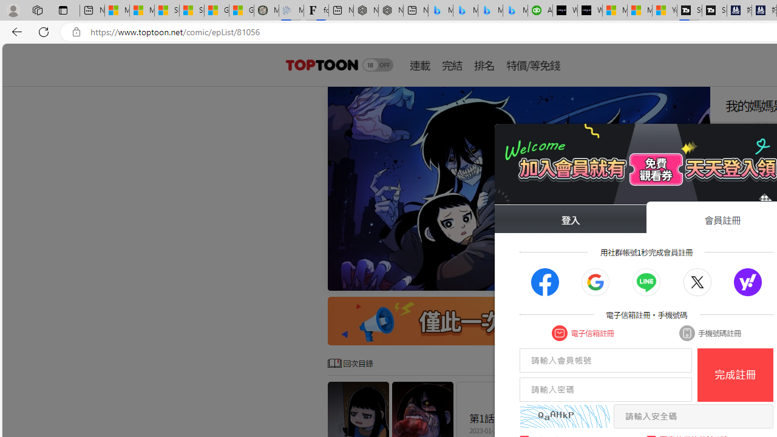 The width and height of the screenshot is (777, 437). What do you see at coordinates (519, 189) in the screenshot?
I see `'Class: swiper-slide swiper-slide-active'` at bounding box center [519, 189].